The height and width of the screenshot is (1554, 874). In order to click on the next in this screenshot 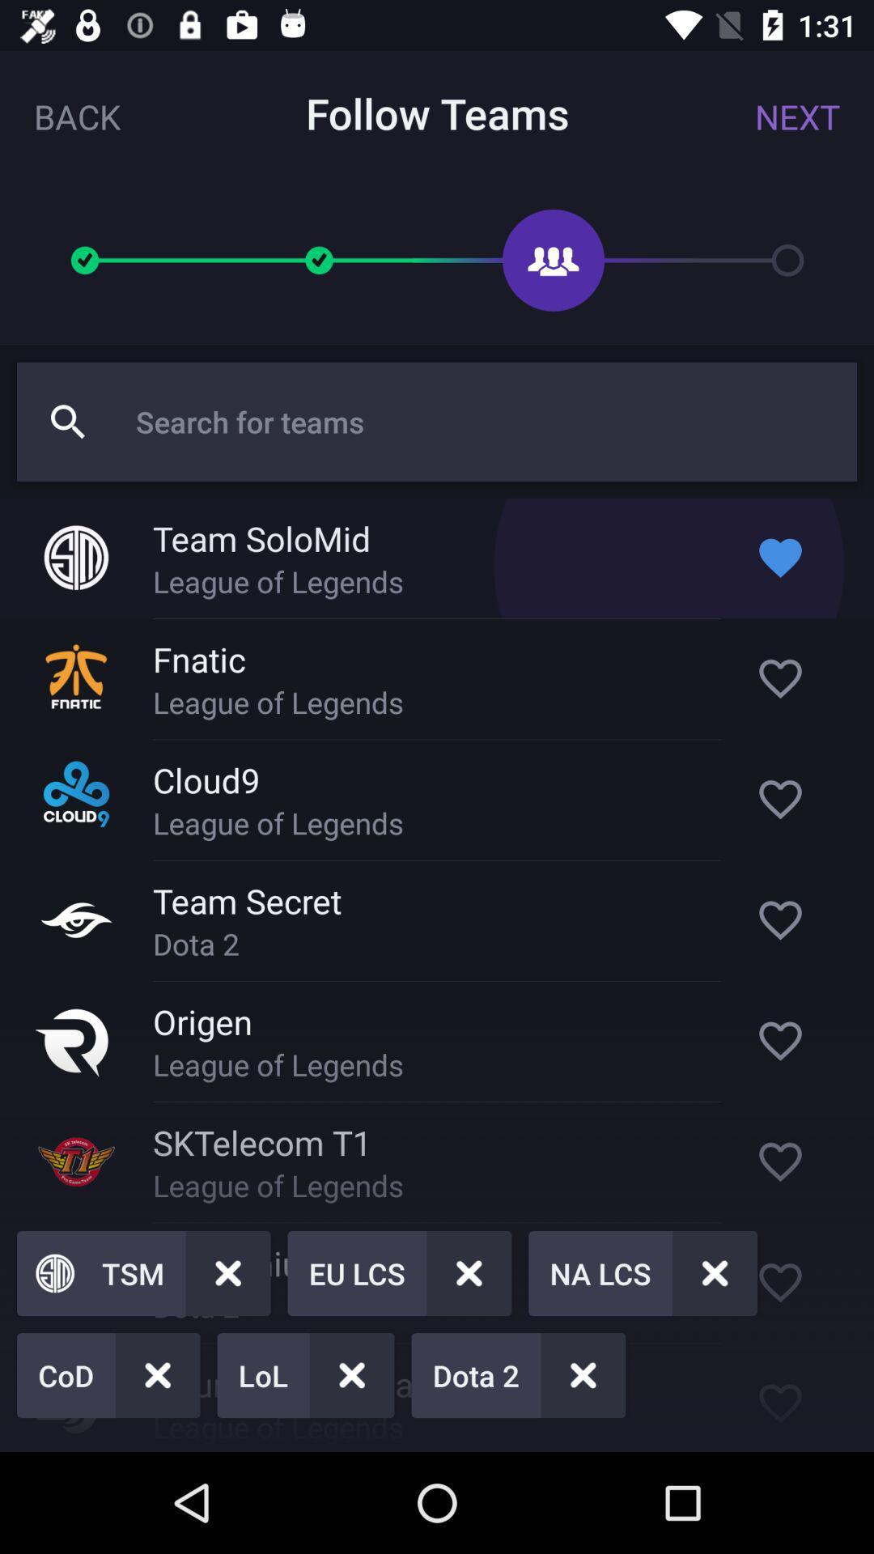, I will do `click(796, 116)`.